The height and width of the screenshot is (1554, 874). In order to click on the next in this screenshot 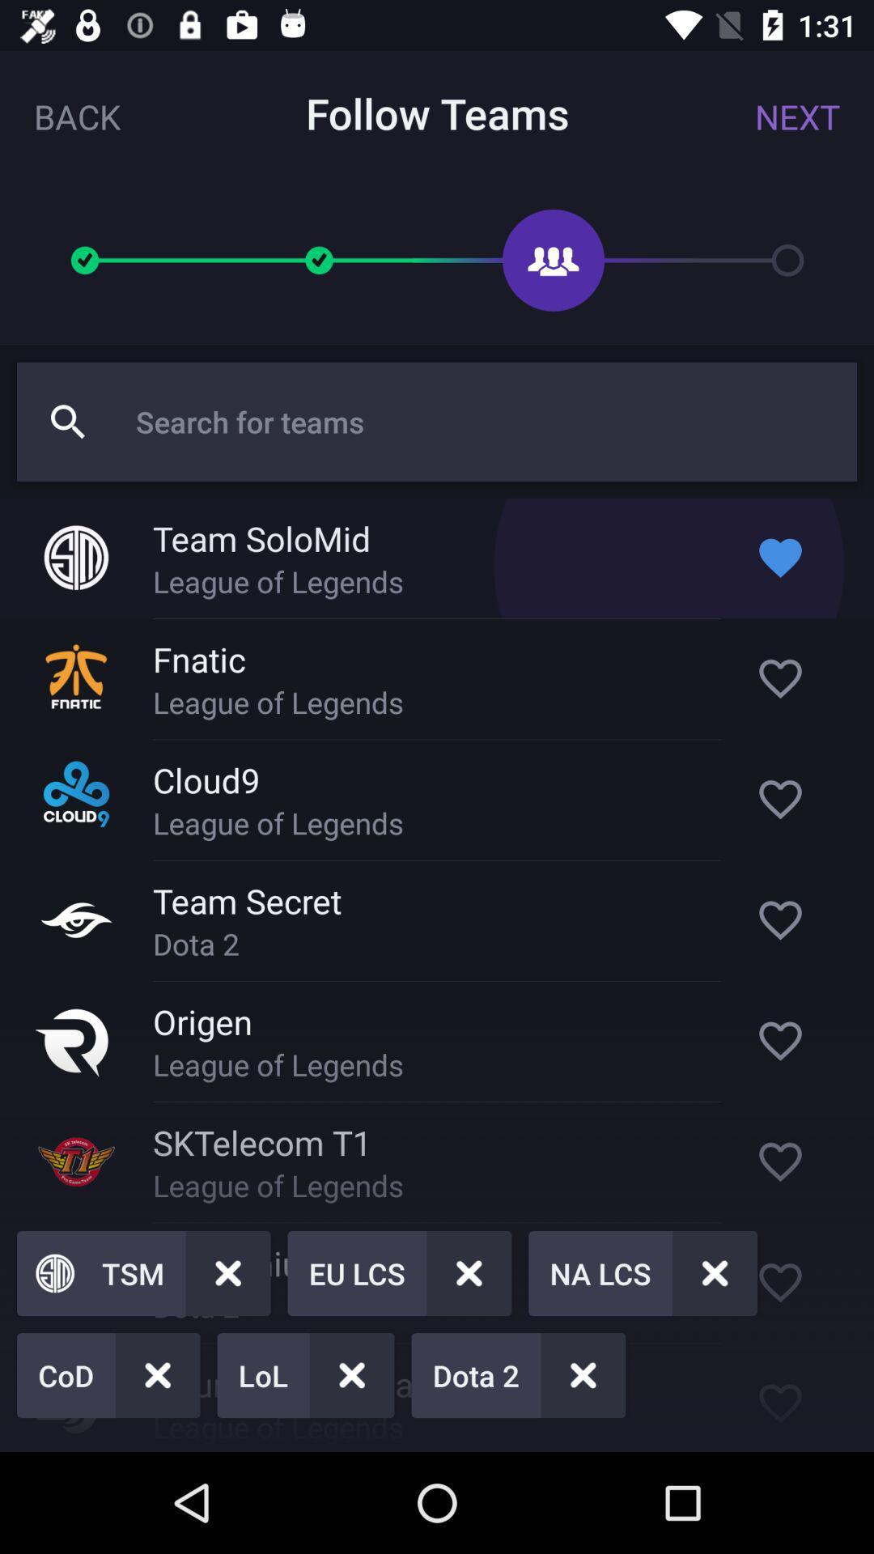, I will do `click(796, 116)`.